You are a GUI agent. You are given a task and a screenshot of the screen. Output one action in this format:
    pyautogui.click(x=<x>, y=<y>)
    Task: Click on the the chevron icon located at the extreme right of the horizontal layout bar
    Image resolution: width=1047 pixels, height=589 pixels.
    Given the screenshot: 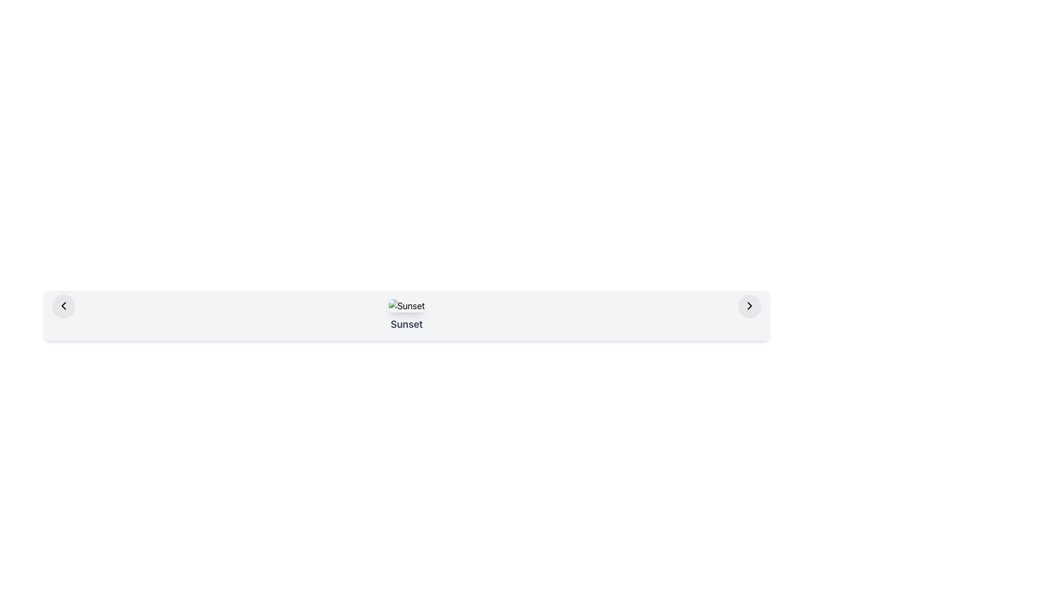 What is the action you would take?
    pyautogui.click(x=749, y=305)
    